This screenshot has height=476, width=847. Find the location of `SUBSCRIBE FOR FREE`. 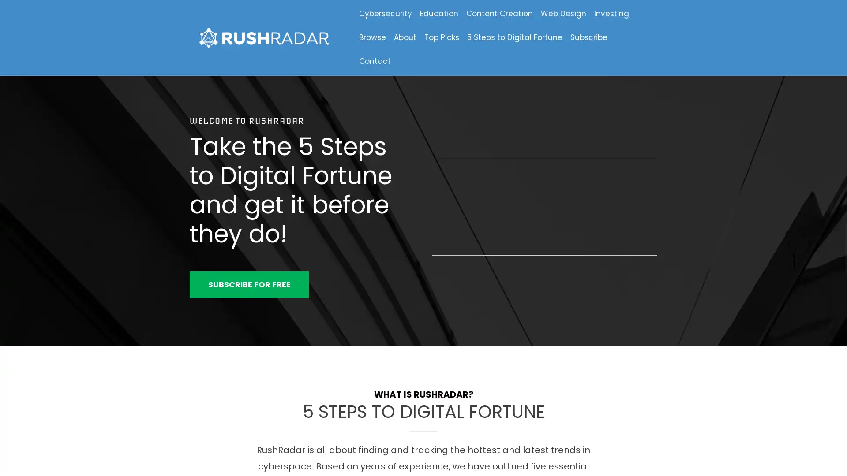

SUBSCRIBE FOR FREE is located at coordinates (249, 284).